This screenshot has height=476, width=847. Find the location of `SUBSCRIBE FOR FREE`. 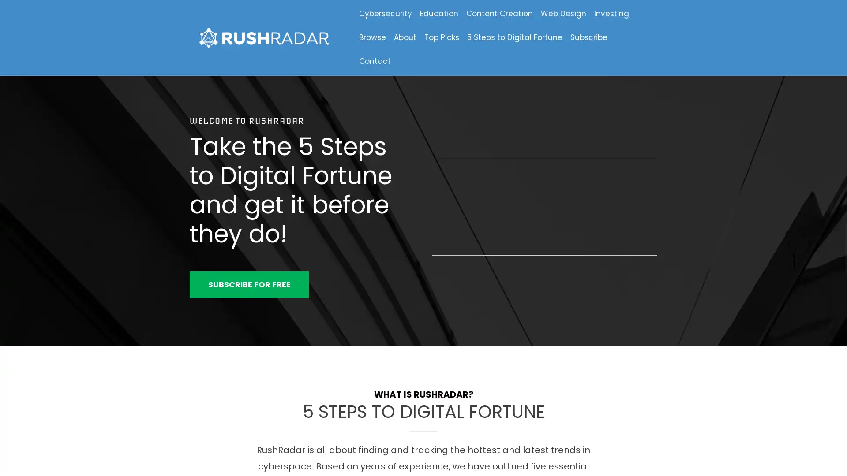

SUBSCRIBE FOR FREE is located at coordinates (249, 284).